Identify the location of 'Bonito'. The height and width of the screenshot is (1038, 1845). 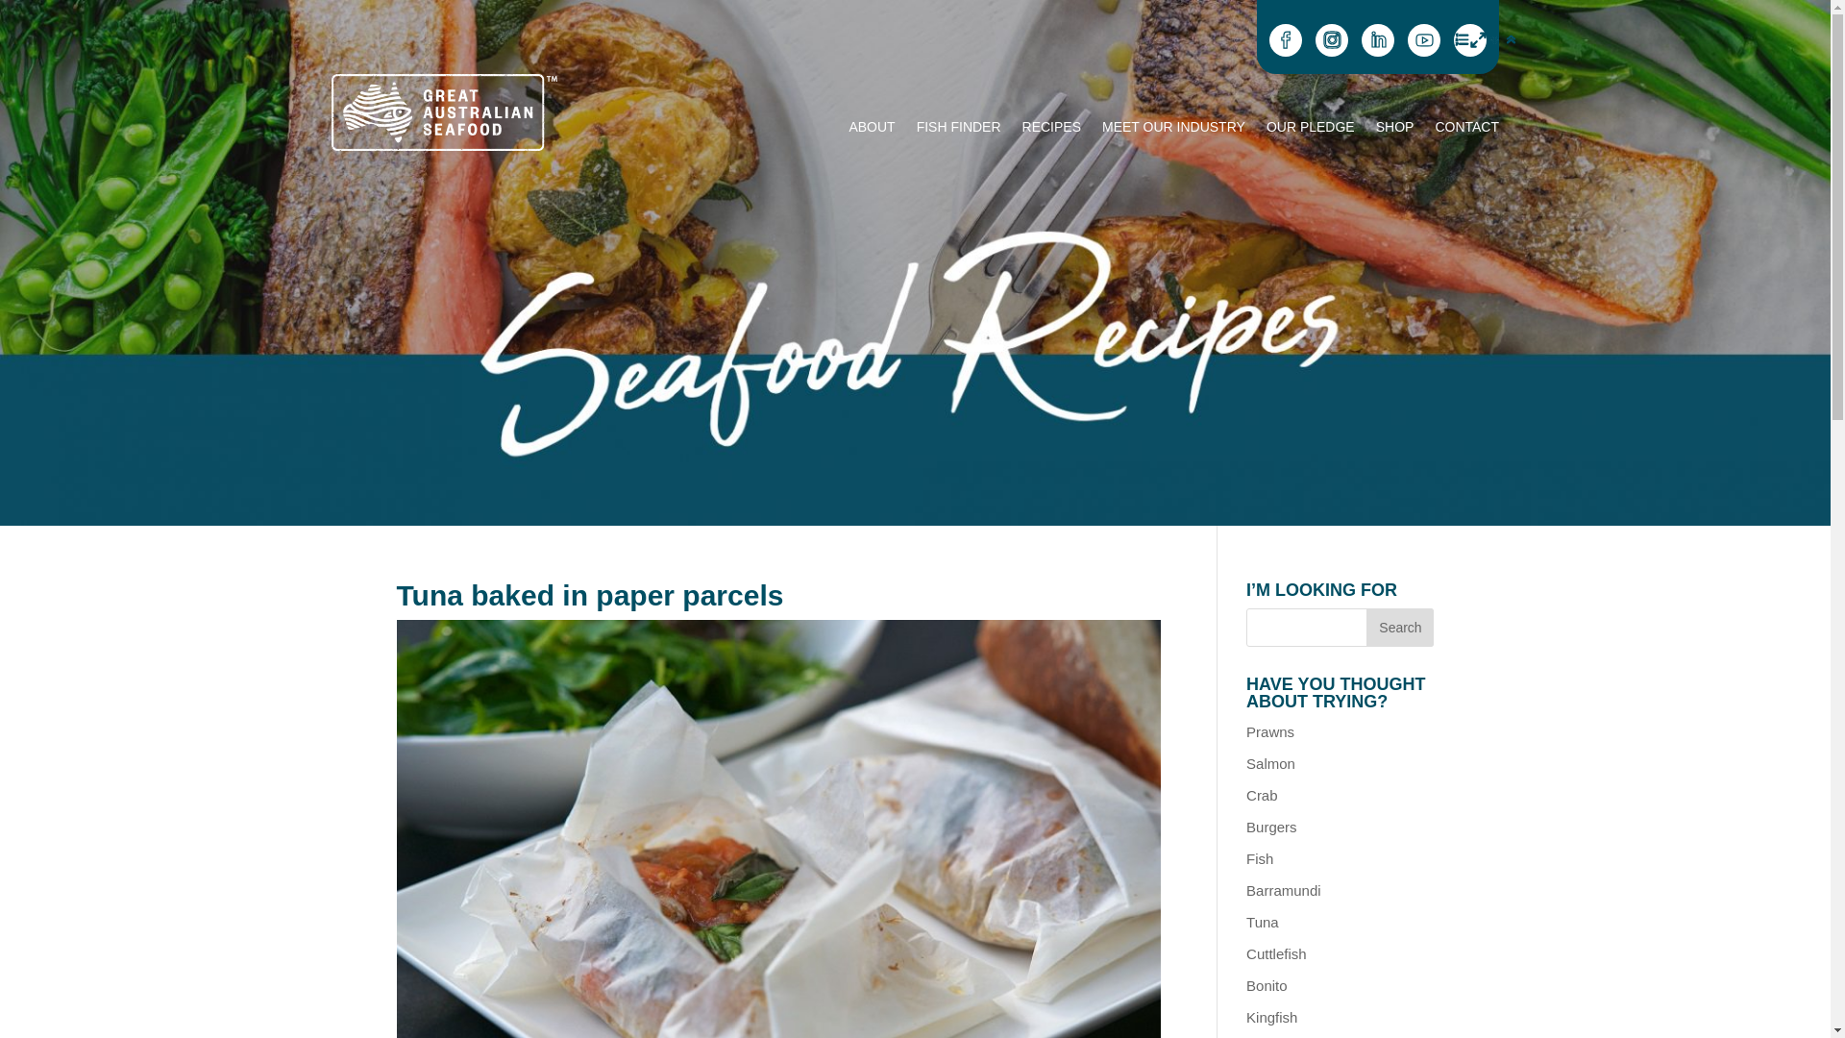
(1267, 985).